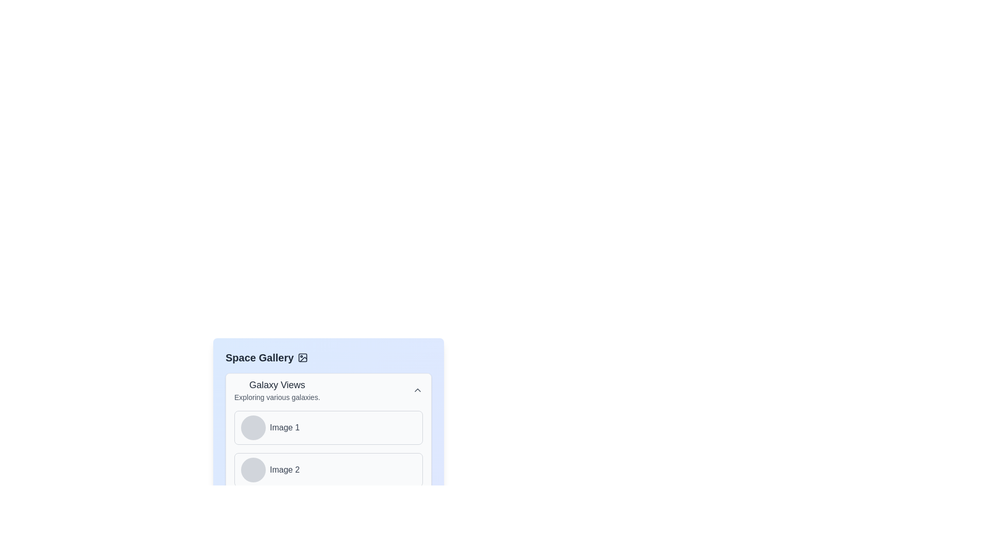 This screenshot has width=989, height=556. I want to click on the text label displaying 'Galaxy Views' which is located in the 'Space Gallery' section, positioned at the upper-left corner of the content area, so click(277, 385).